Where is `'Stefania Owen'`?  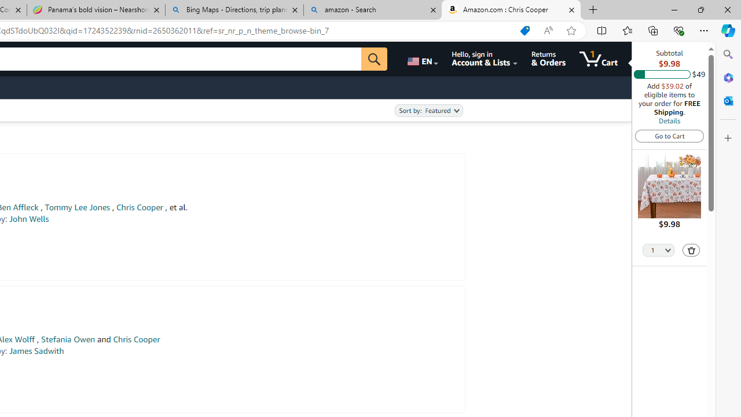 'Stefania Owen' is located at coordinates (67, 339).